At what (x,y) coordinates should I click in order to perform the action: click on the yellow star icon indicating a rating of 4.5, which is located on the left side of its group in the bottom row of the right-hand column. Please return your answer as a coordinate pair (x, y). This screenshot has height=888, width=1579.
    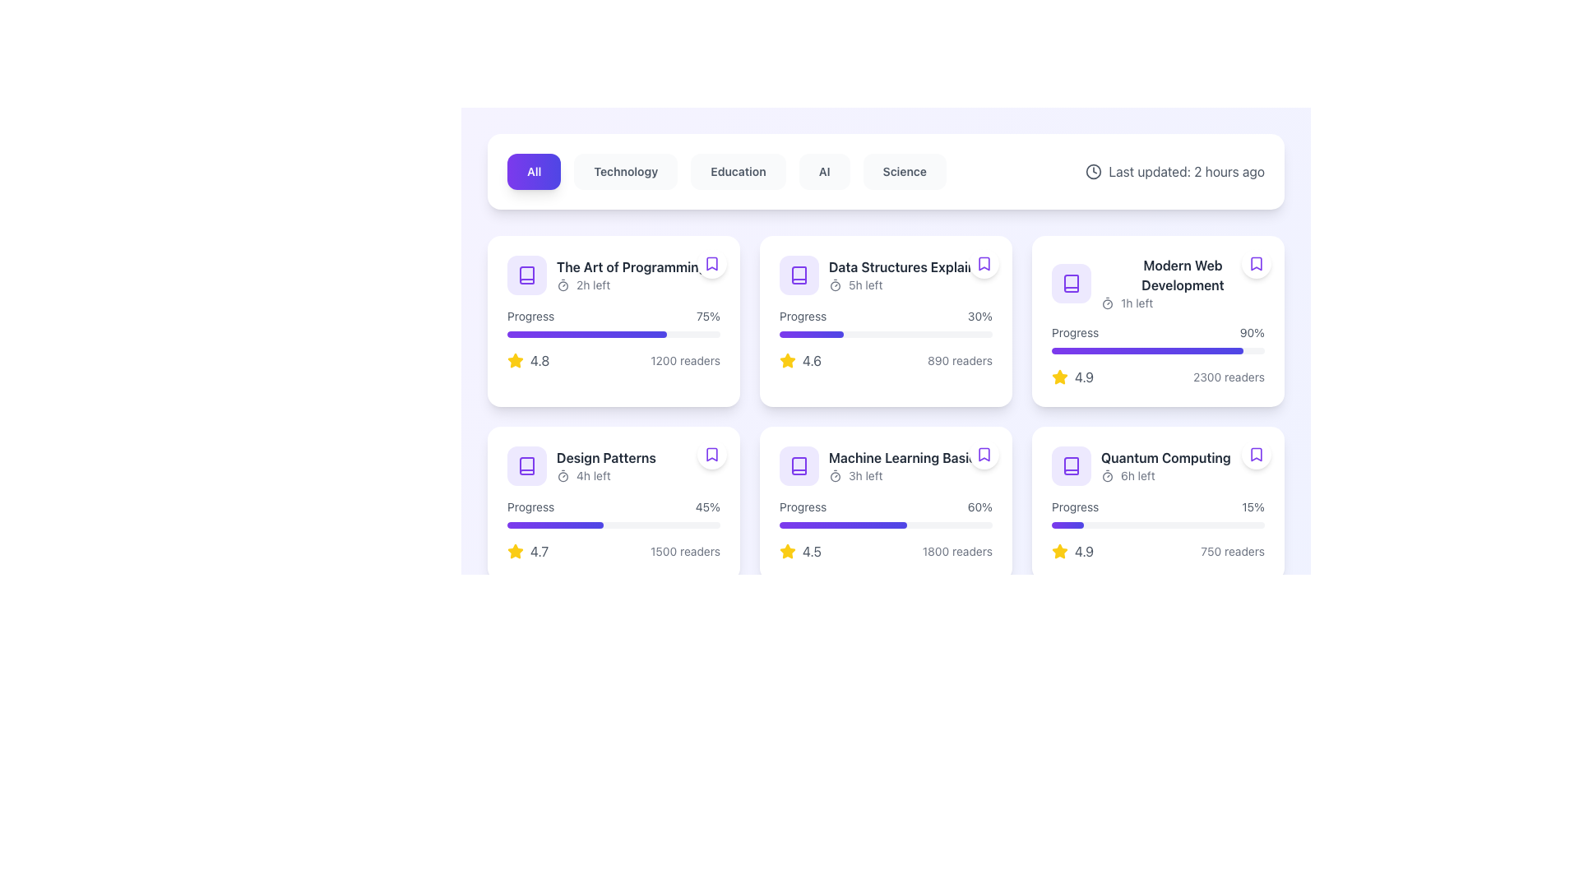
    Looking at the image, I should click on (787, 552).